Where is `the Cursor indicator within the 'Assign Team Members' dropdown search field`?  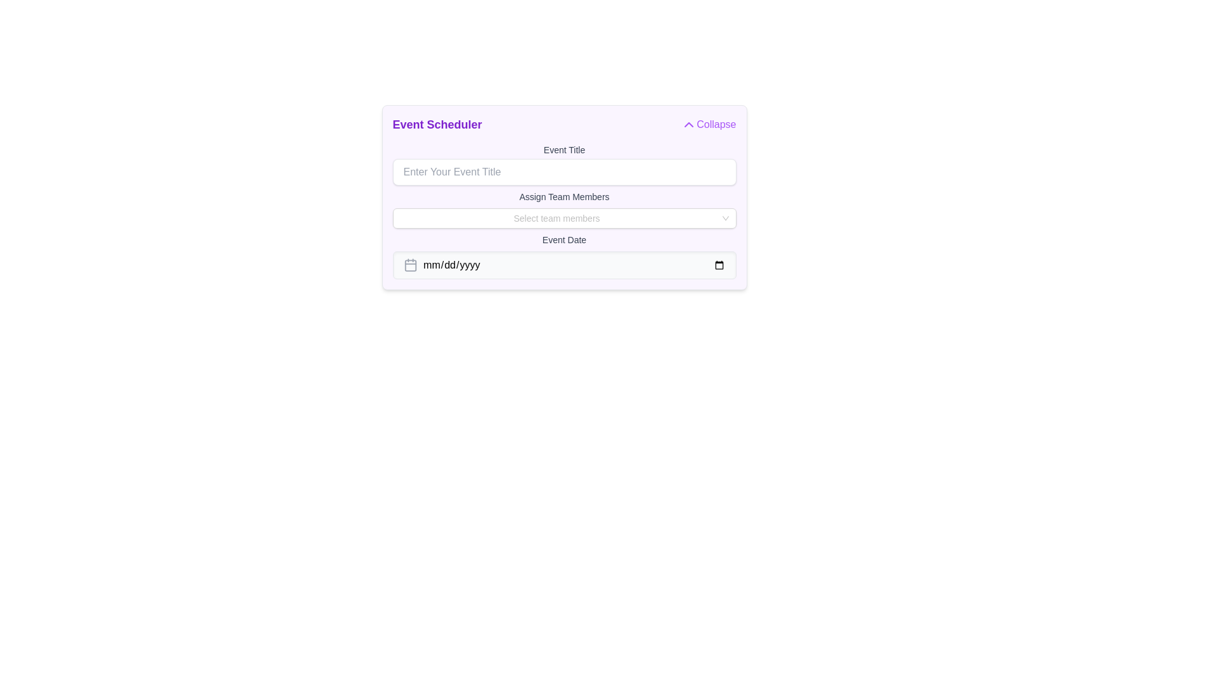
the Cursor indicator within the 'Assign Team Members' dropdown search field is located at coordinates (401, 217).